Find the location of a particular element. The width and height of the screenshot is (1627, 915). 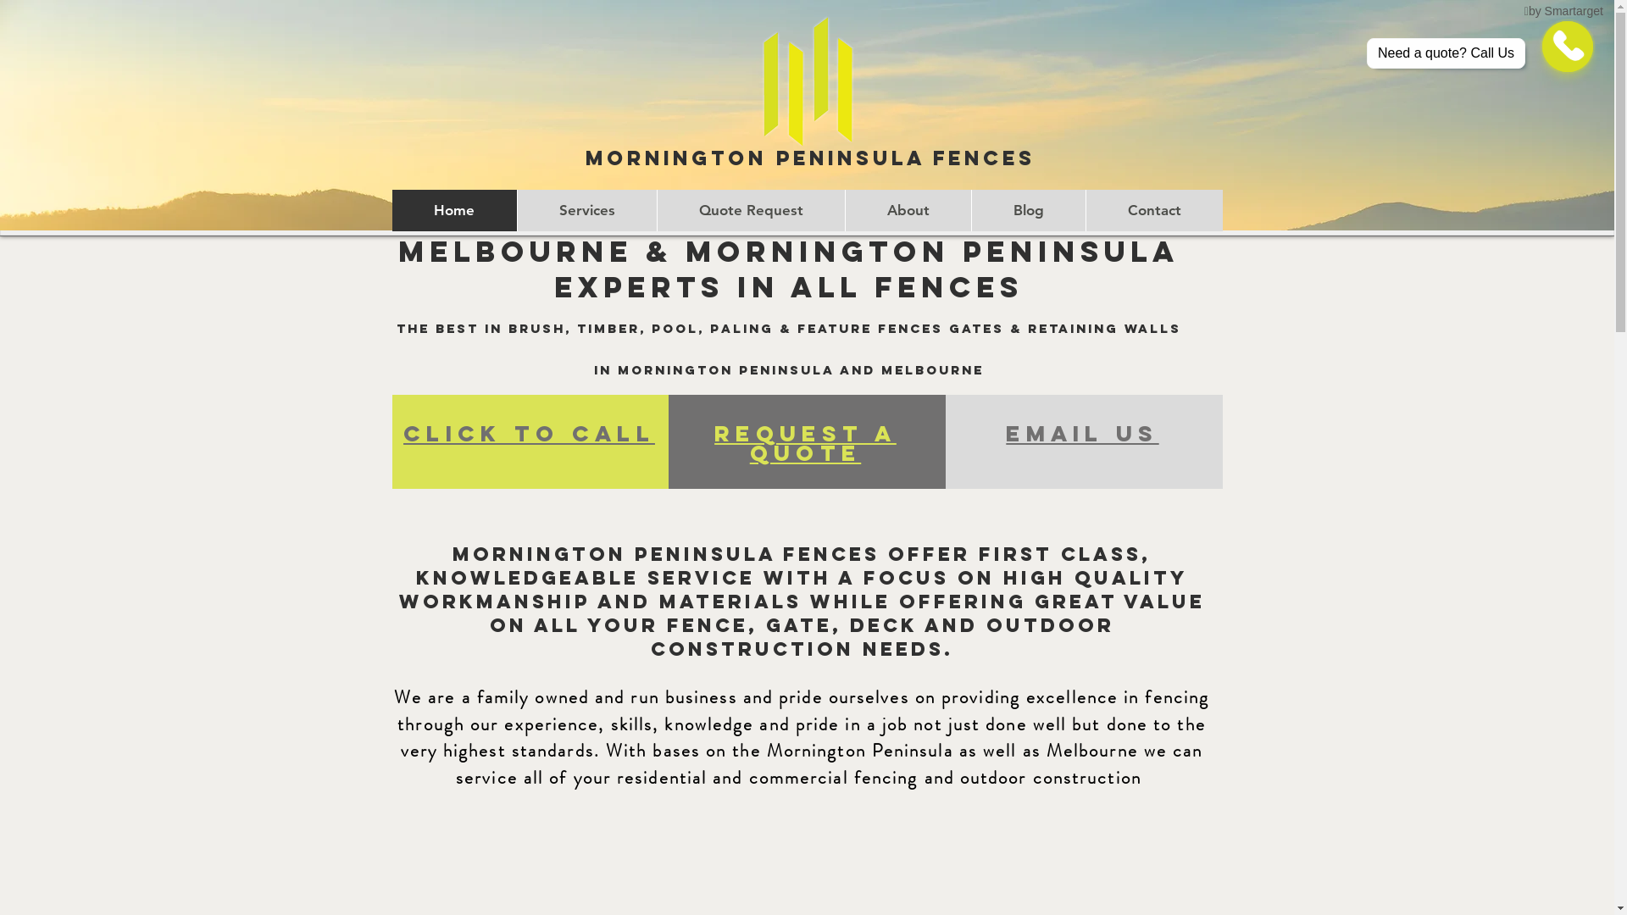

'About' is located at coordinates (906, 209).